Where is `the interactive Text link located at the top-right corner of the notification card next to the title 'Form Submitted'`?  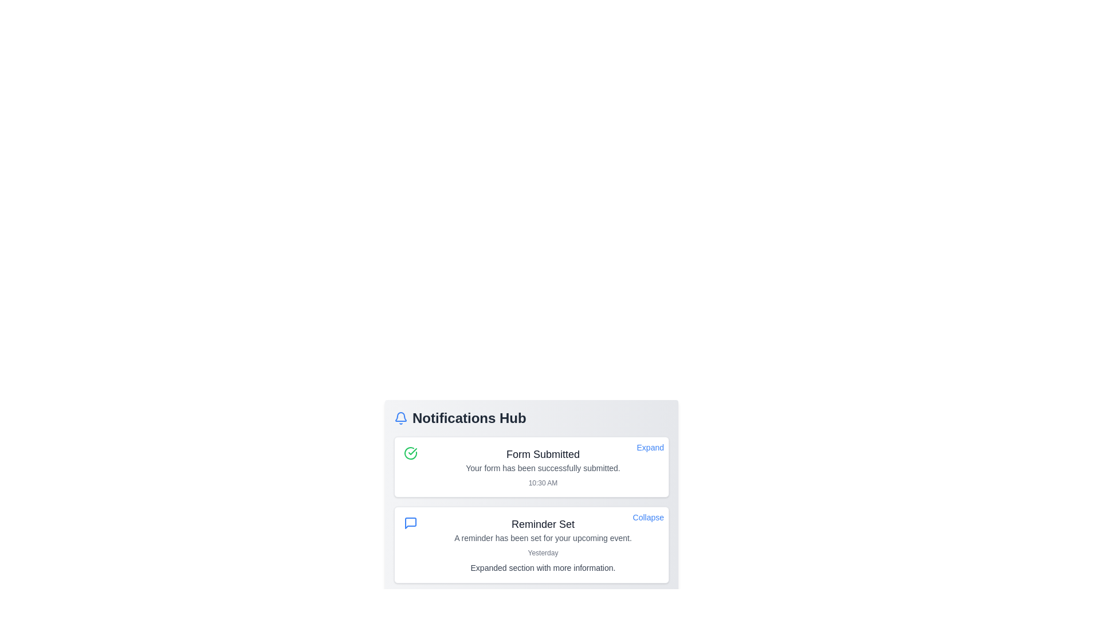
the interactive Text link located at the top-right corner of the notification card next to the title 'Form Submitted' is located at coordinates (650, 446).